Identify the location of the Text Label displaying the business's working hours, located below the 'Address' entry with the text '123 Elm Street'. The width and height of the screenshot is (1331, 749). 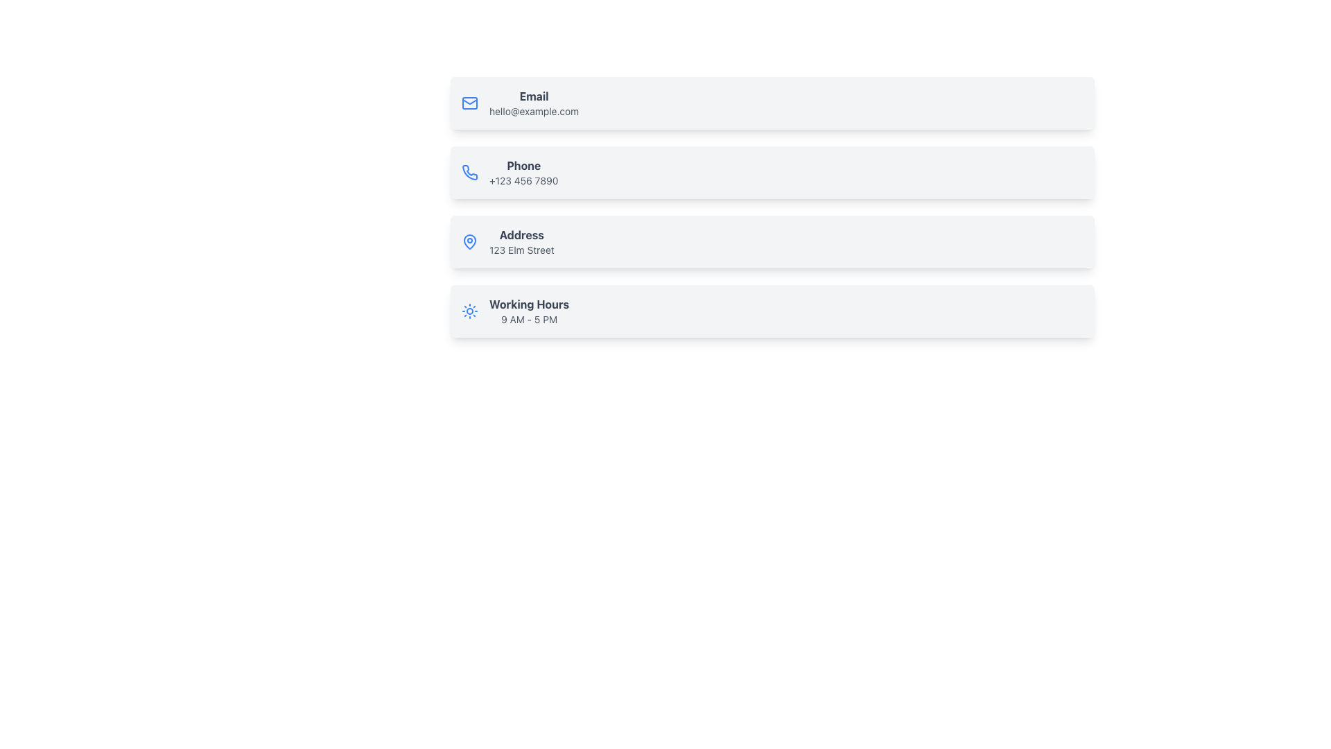
(528, 310).